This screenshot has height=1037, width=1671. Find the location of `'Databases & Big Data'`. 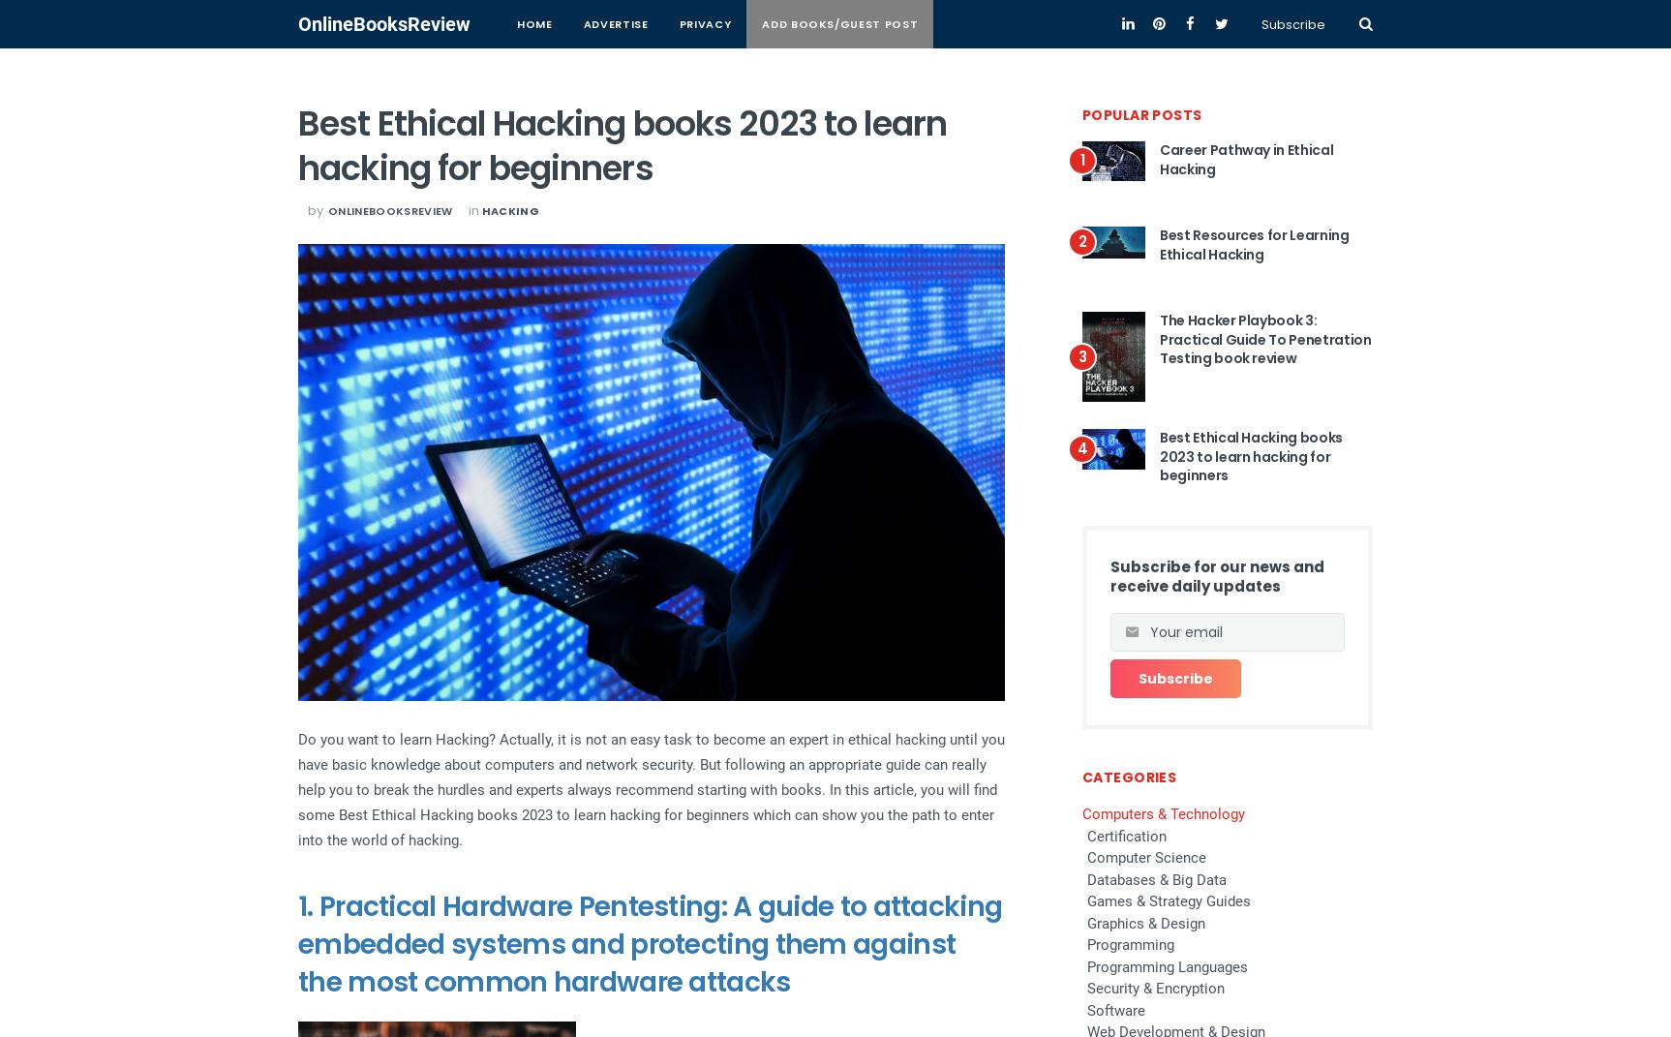

'Databases & Big Data' is located at coordinates (1086, 878).